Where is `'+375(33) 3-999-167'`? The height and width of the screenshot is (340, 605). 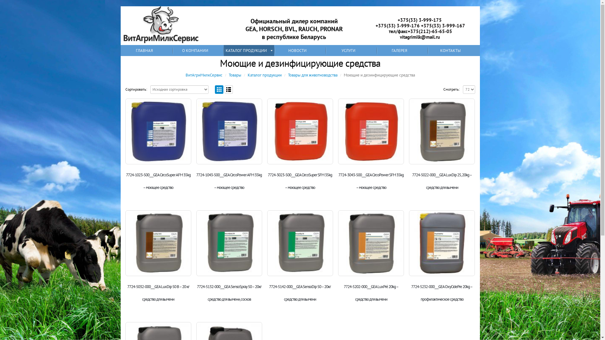 '+375(33) 3-999-167' is located at coordinates (443, 25).